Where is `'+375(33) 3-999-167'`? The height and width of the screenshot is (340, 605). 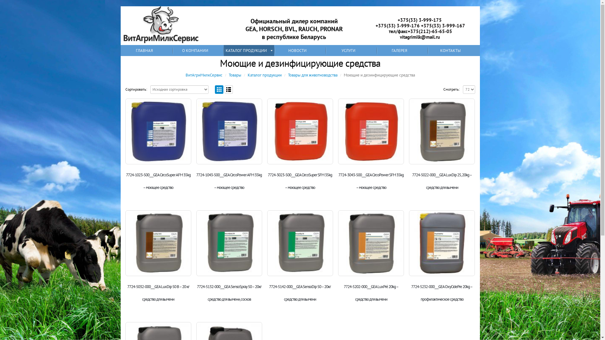 '+375(33) 3-999-167' is located at coordinates (443, 25).